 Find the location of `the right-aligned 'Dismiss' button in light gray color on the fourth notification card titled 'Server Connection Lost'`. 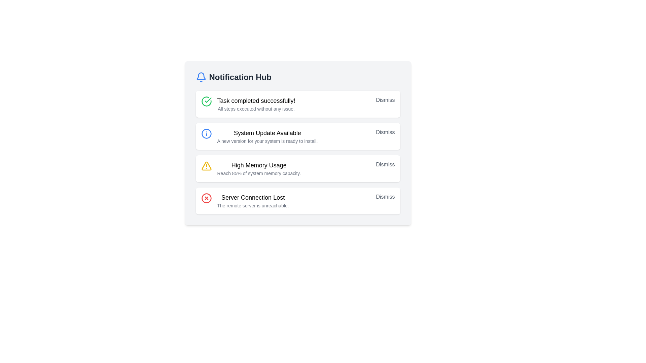

the right-aligned 'Dismiss' button in light gray color on the fourth notification card titled 'Server Connection Lost' is located at coordinates (385, 197).